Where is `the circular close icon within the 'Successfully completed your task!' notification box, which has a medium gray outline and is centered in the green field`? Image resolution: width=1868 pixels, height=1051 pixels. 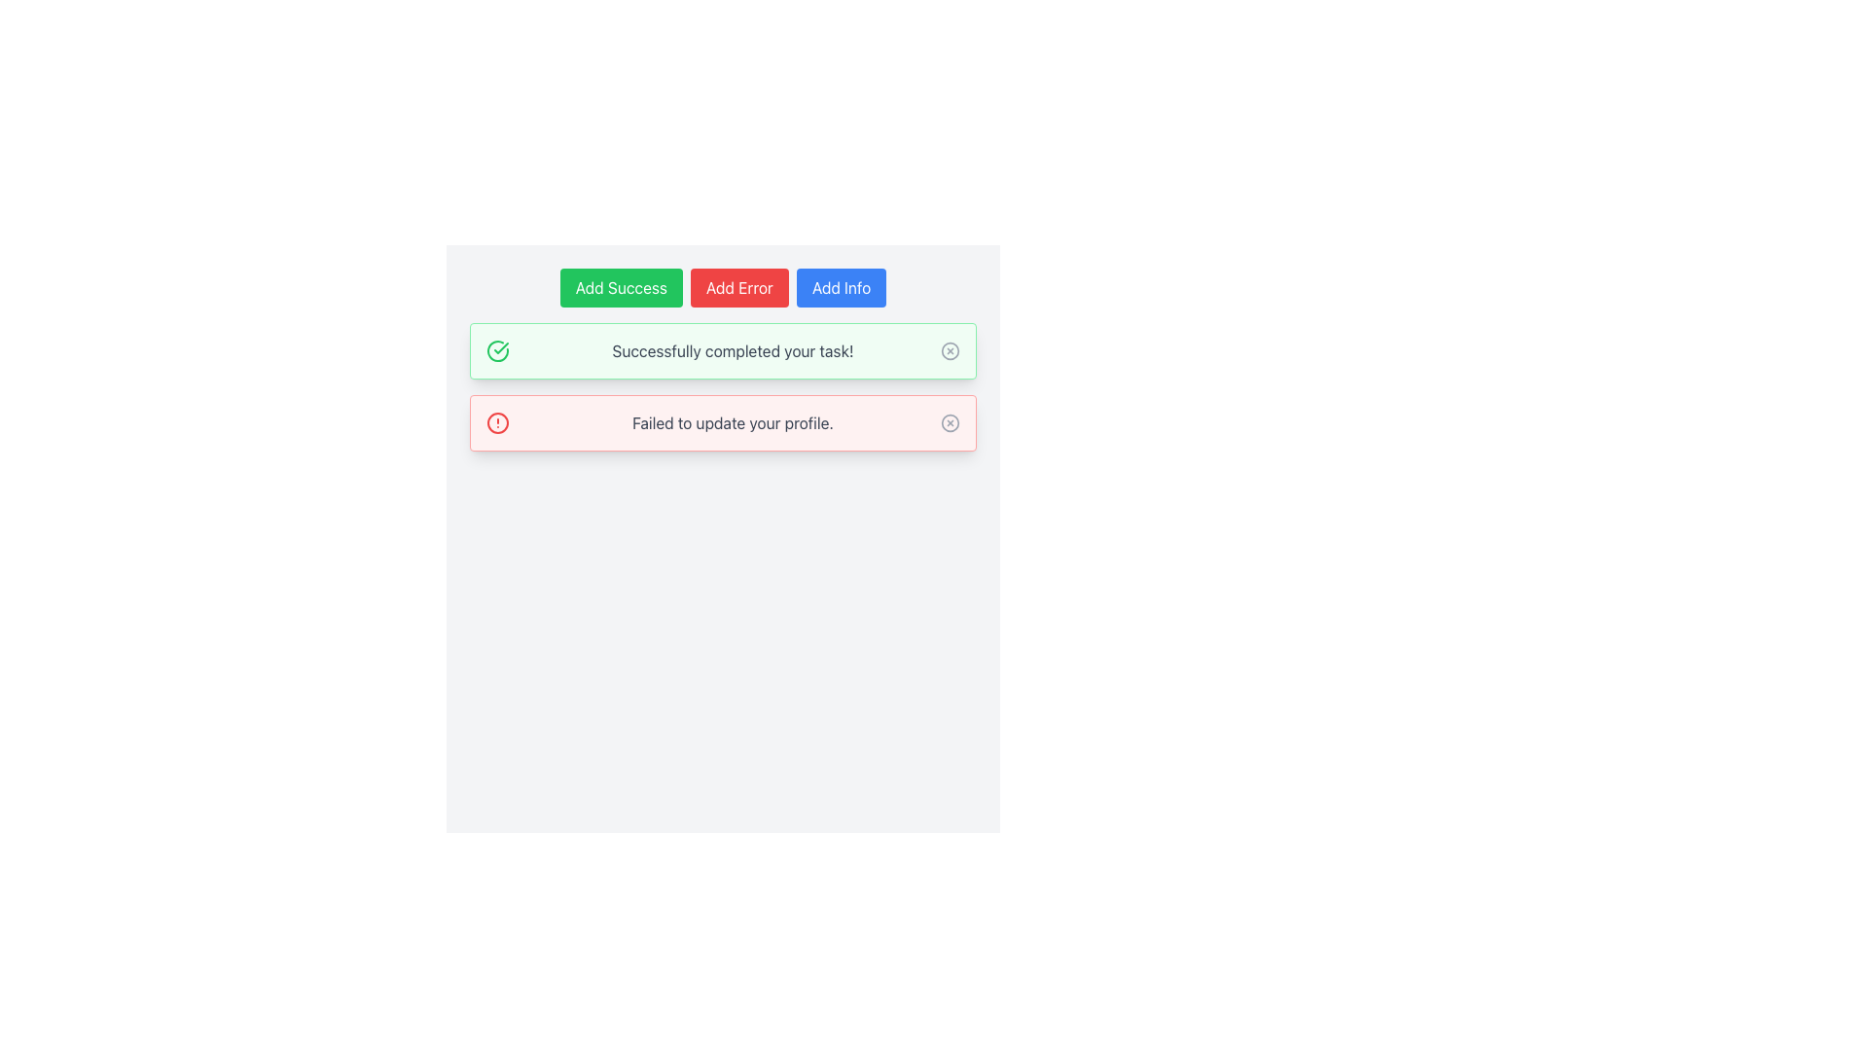
the circular close icon within the 'Successfully completed your task!' notification box, which has a medium gray outline and is centered in the green field is located at coordinates (951, 351).